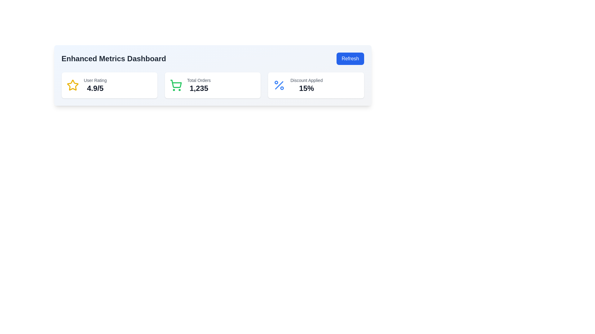 Image resolution: width=595 pixels, height=334 pixels. I want to click on the decorative diagonal line element of the percentage icon in the 'Discount Applied' section, which visually represents the 15% discount, so click(279, 85).